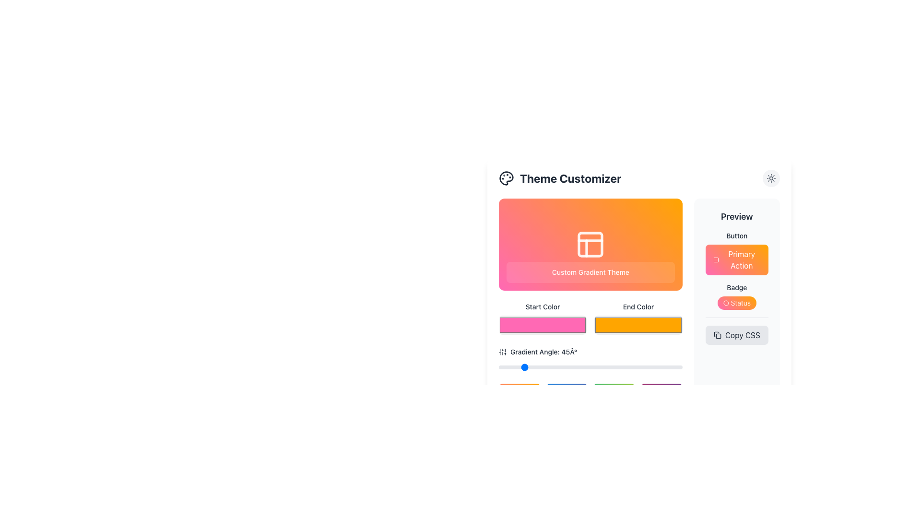 The height and width of the screenshot is (518, 921). I want to click on the gradient angle slider, so click(654, 367).